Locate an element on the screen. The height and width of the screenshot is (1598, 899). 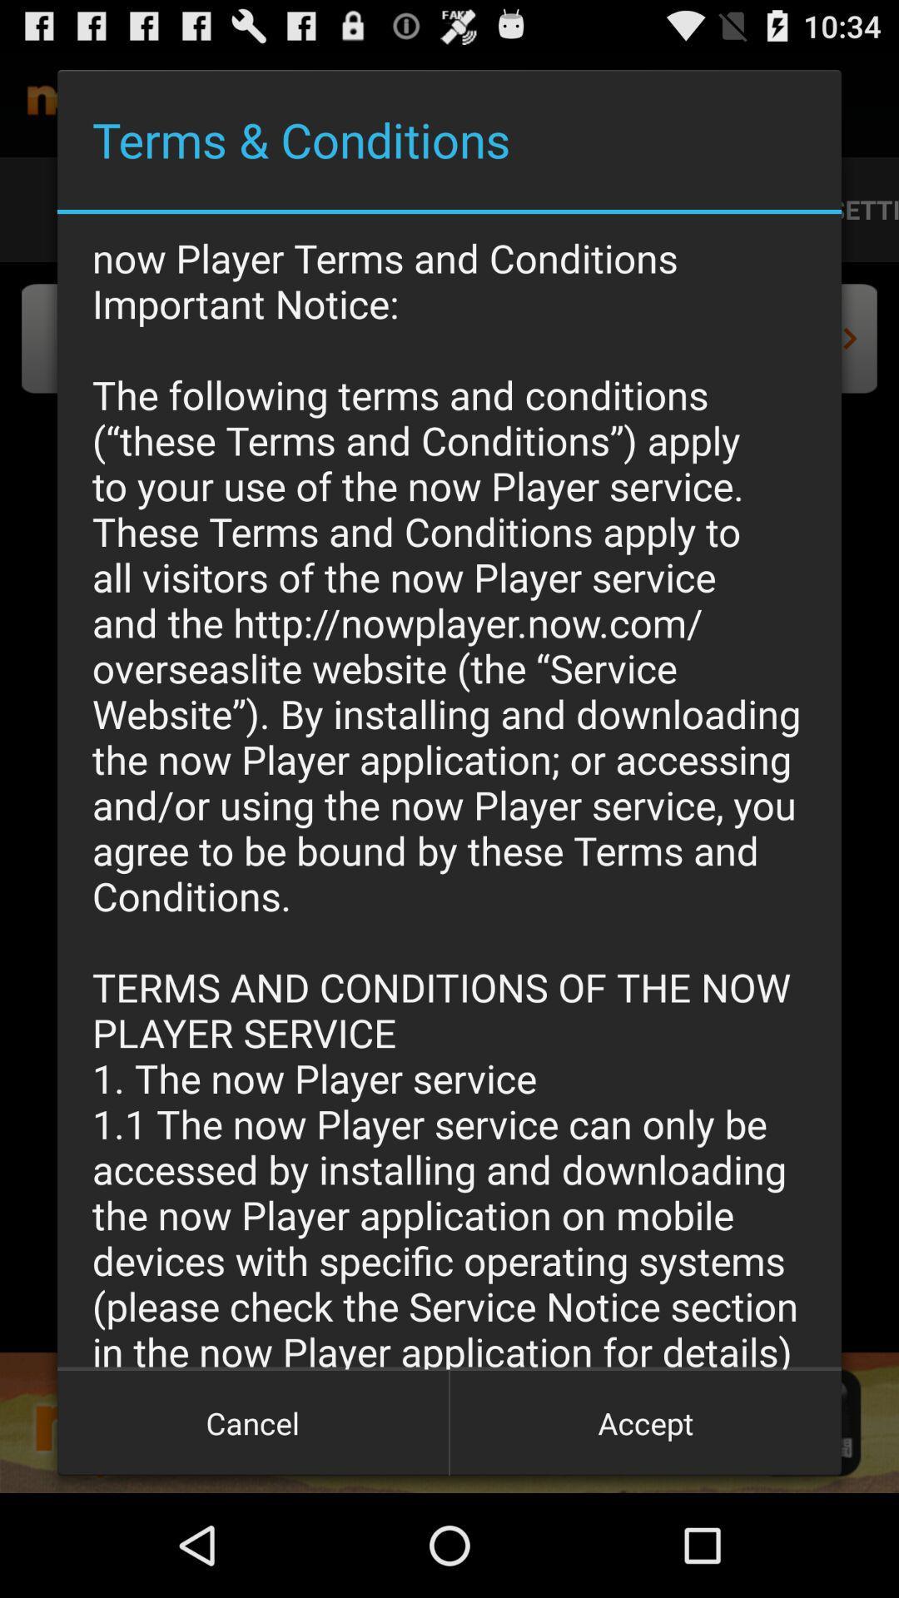
icon next to cancel icon is located at coordinates (644, 1422).